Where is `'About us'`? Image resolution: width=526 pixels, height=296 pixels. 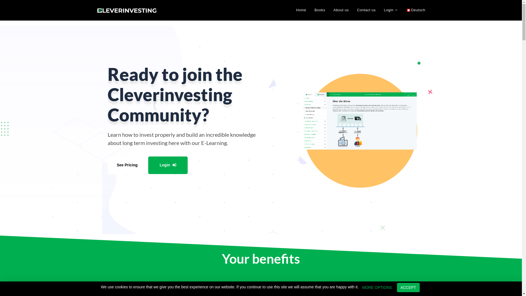
'About us' is located at coordinates (329, 10).